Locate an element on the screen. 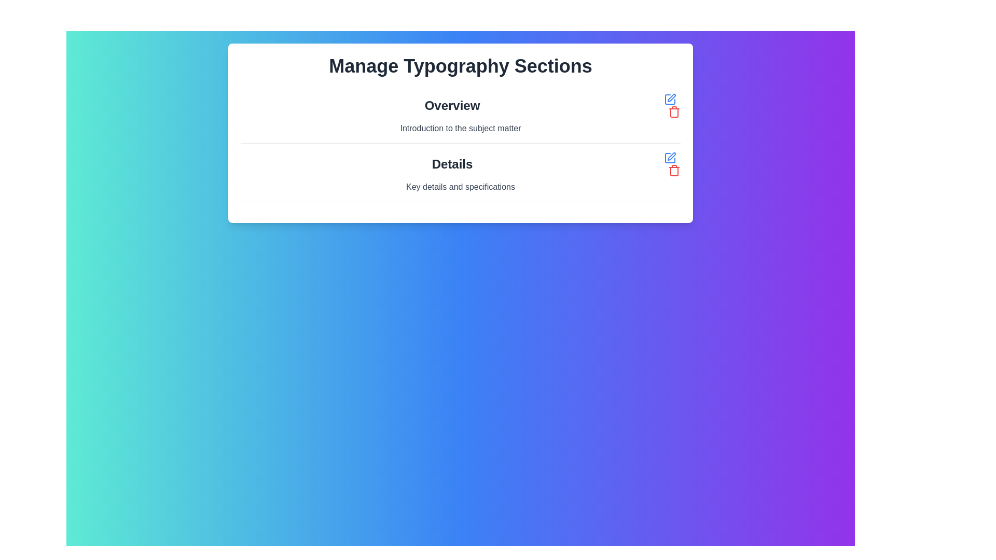 The image size is (996, 560). the blue pen icon on the right side of the 'Details' label is located at coordinates (672, 163).